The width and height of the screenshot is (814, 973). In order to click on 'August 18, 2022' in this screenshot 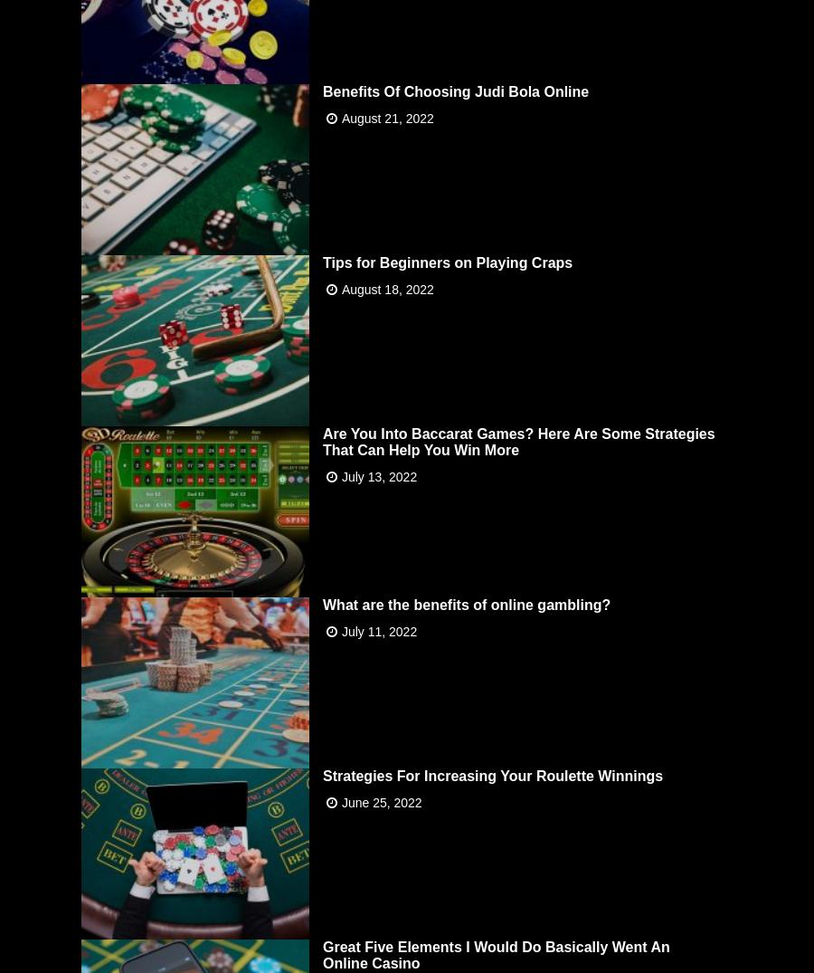, I will do `click(387, 286)`.